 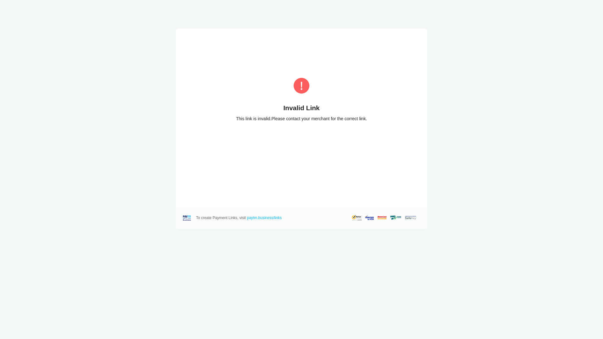 What do you see at coordinates (264, 218) in the screenshot?
I see `'paytm.business/links'` at bounding box center [264, 218].